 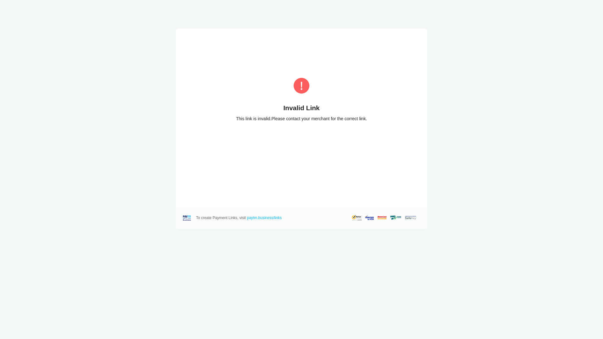 What do you see at coordinates (264, 218) in the screenshot?
I see `'paytm.business/links'` at bounding box center [264, 218].